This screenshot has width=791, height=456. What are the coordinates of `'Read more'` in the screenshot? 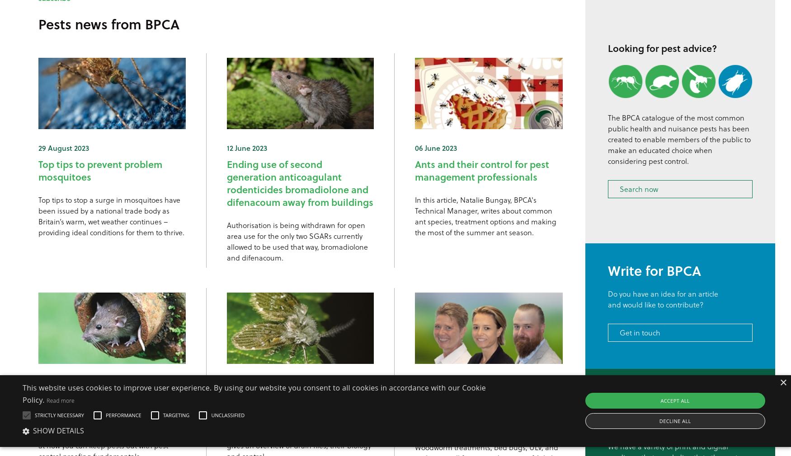 It's located at (60, 400).